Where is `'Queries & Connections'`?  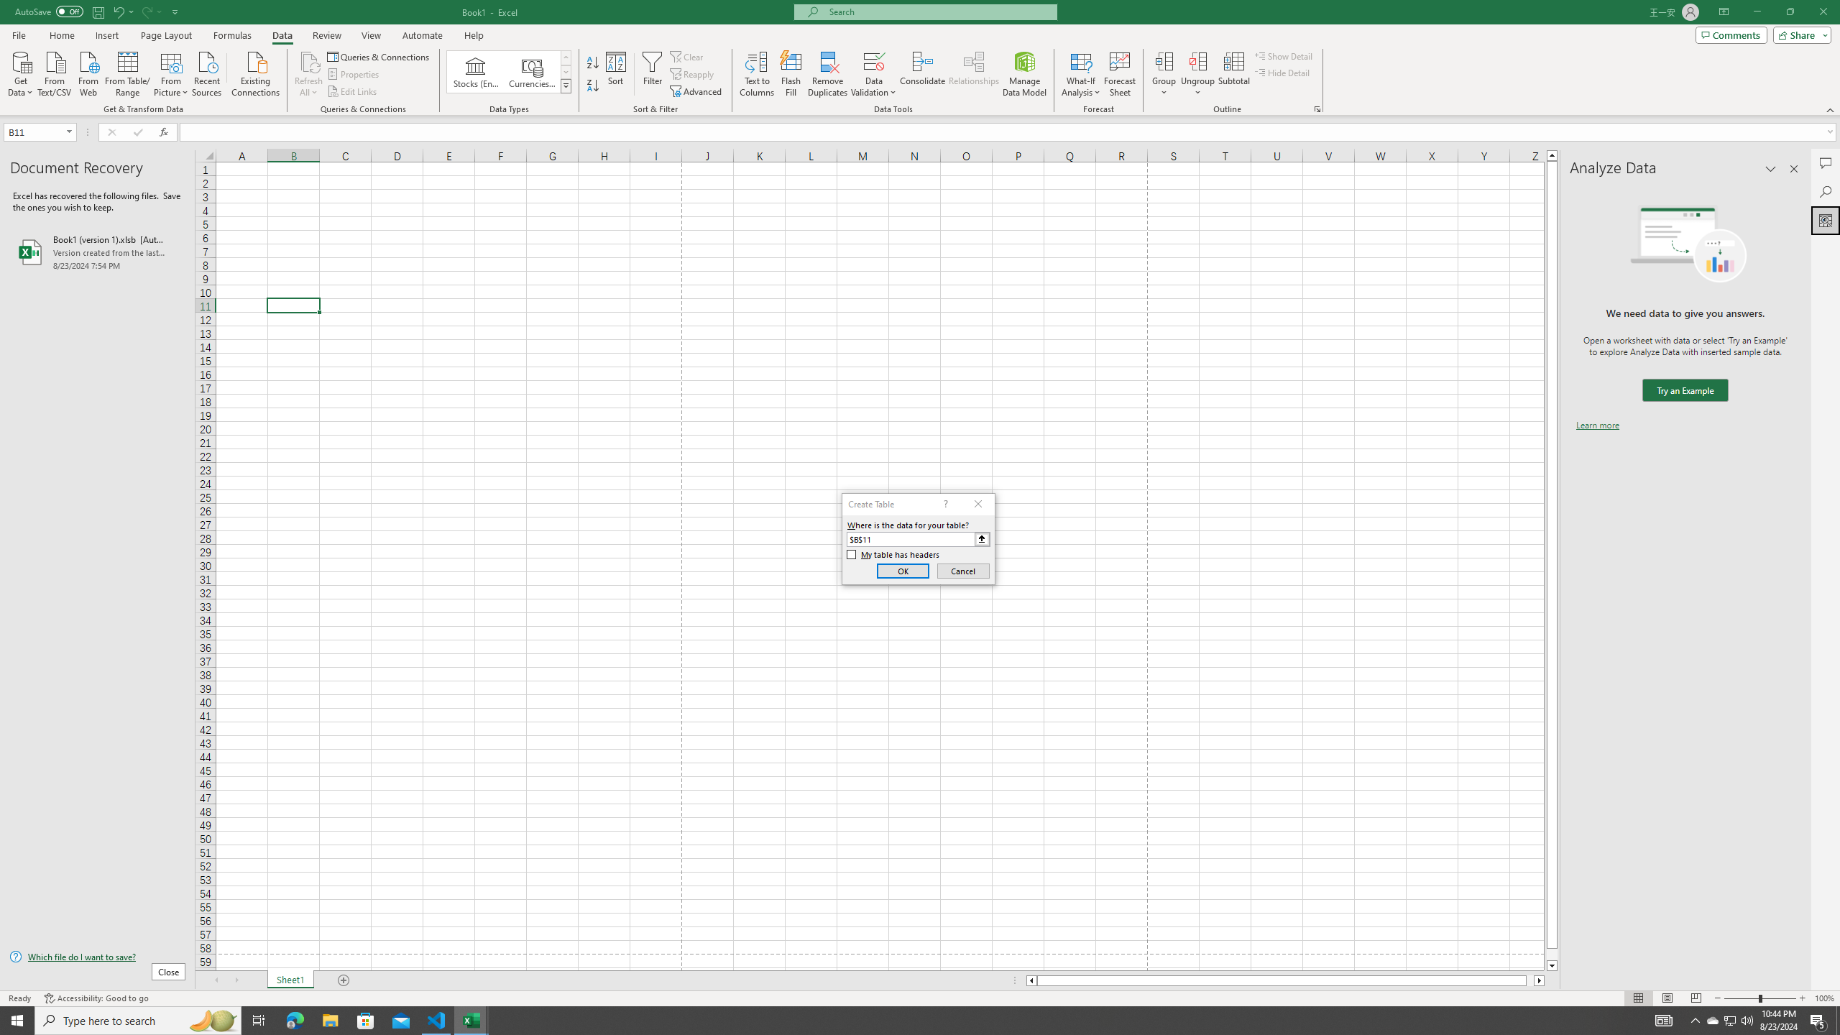
'Queries & Connections' is located at coordinates (379, 56).